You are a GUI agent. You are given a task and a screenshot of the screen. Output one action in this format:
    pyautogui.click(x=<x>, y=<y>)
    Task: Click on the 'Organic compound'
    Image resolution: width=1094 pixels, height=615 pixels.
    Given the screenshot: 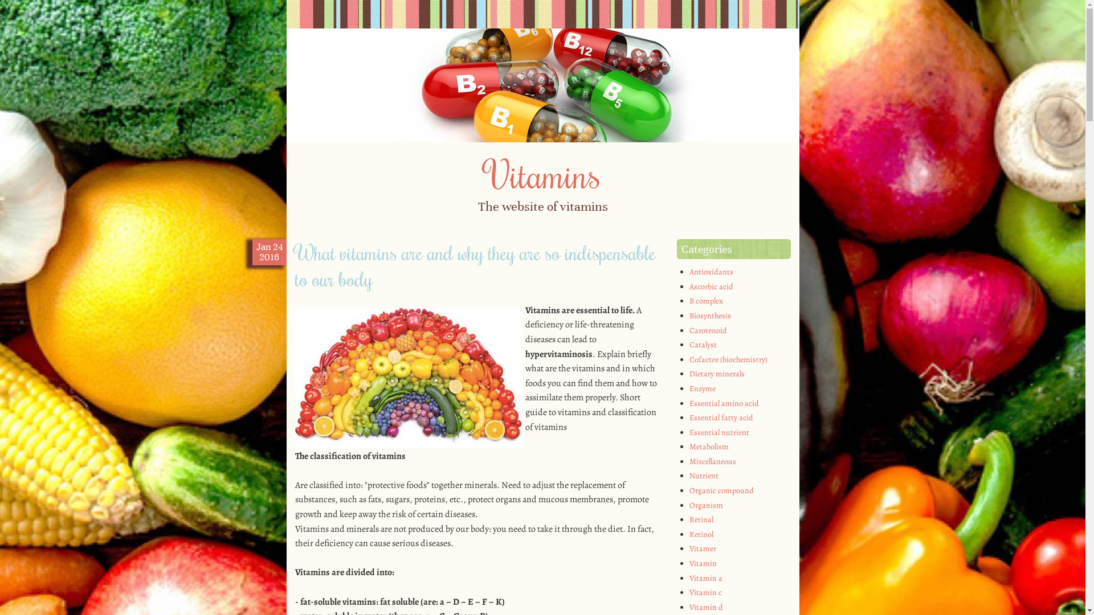 What is the action you would take?
    pyautogui.click(x=721, y=490)
    